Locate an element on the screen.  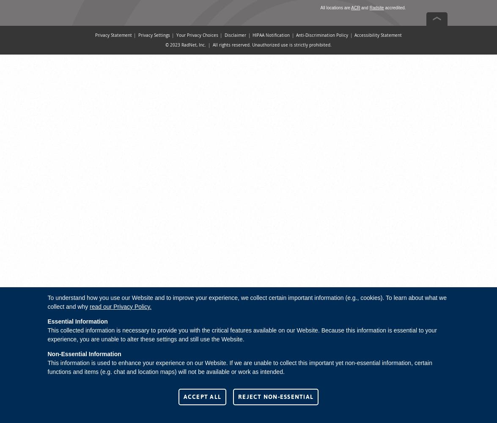
'Non-Essential Information' is located at coordinates (84, 354).